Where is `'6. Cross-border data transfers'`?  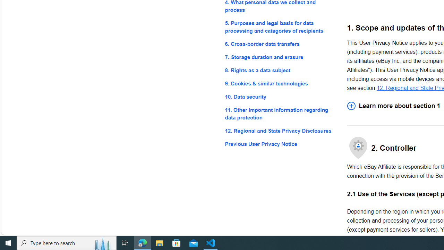 '6. Cross-border data transfers' is located at coordinates (280, 44).